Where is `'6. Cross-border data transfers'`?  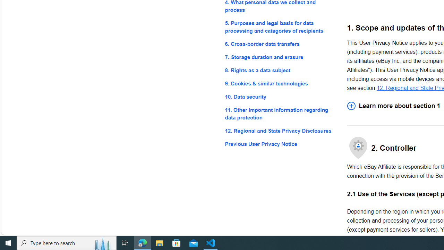 '6. Cross-border data transfers' is located at coordinates (280, 44).